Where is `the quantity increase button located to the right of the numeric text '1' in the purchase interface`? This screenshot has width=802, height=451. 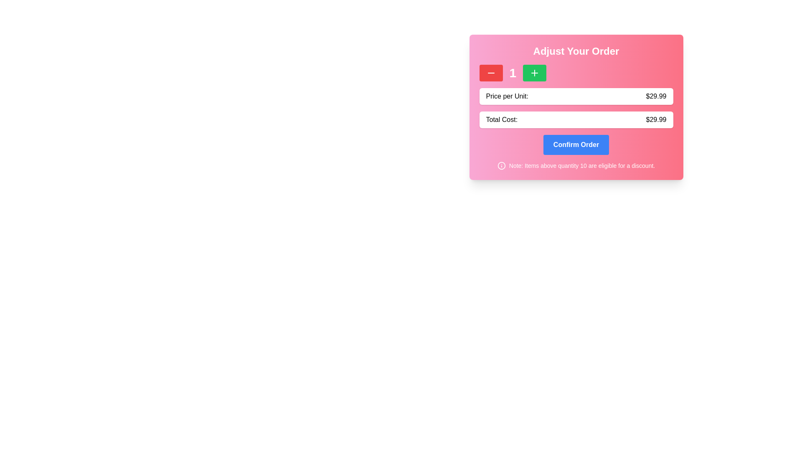 the quantity increase button located to the right of the numeric text '1' in the purchase interface is located at coordinates (535, 72).